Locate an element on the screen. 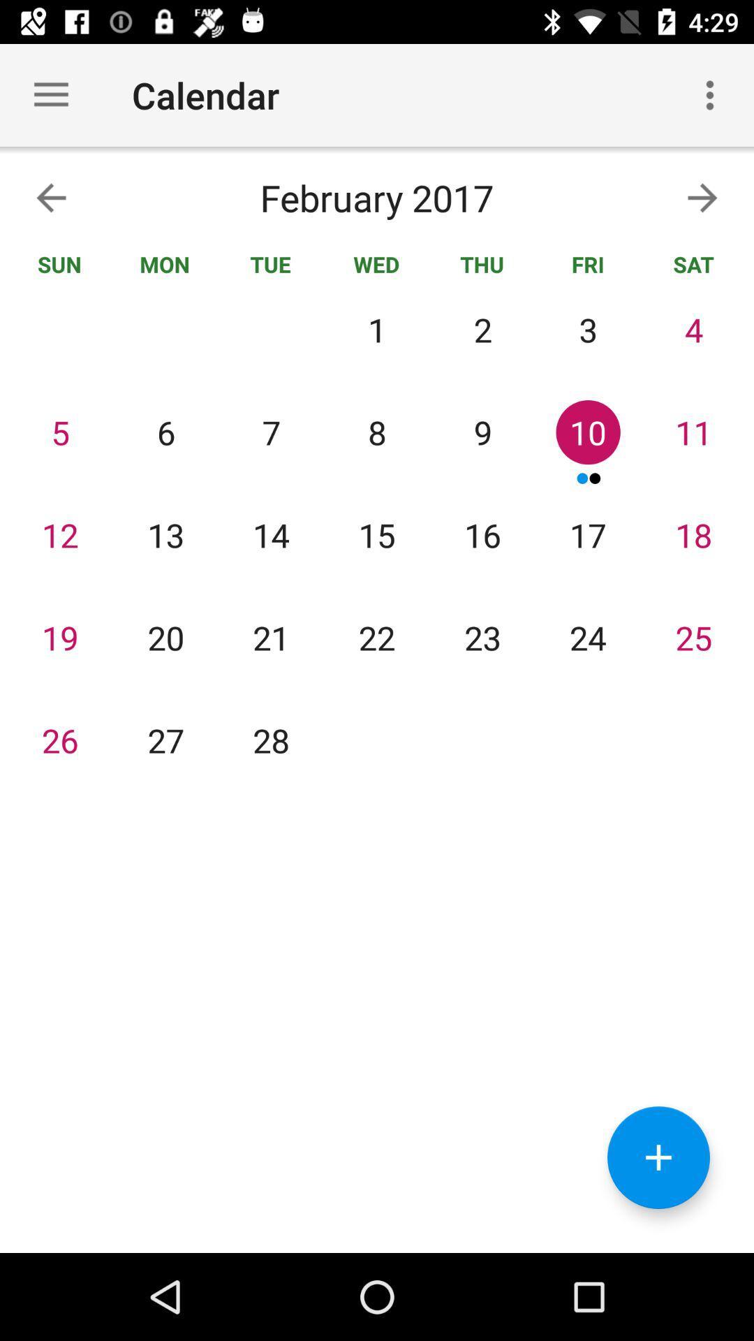  the add option is located at coordinates (658, 1157).